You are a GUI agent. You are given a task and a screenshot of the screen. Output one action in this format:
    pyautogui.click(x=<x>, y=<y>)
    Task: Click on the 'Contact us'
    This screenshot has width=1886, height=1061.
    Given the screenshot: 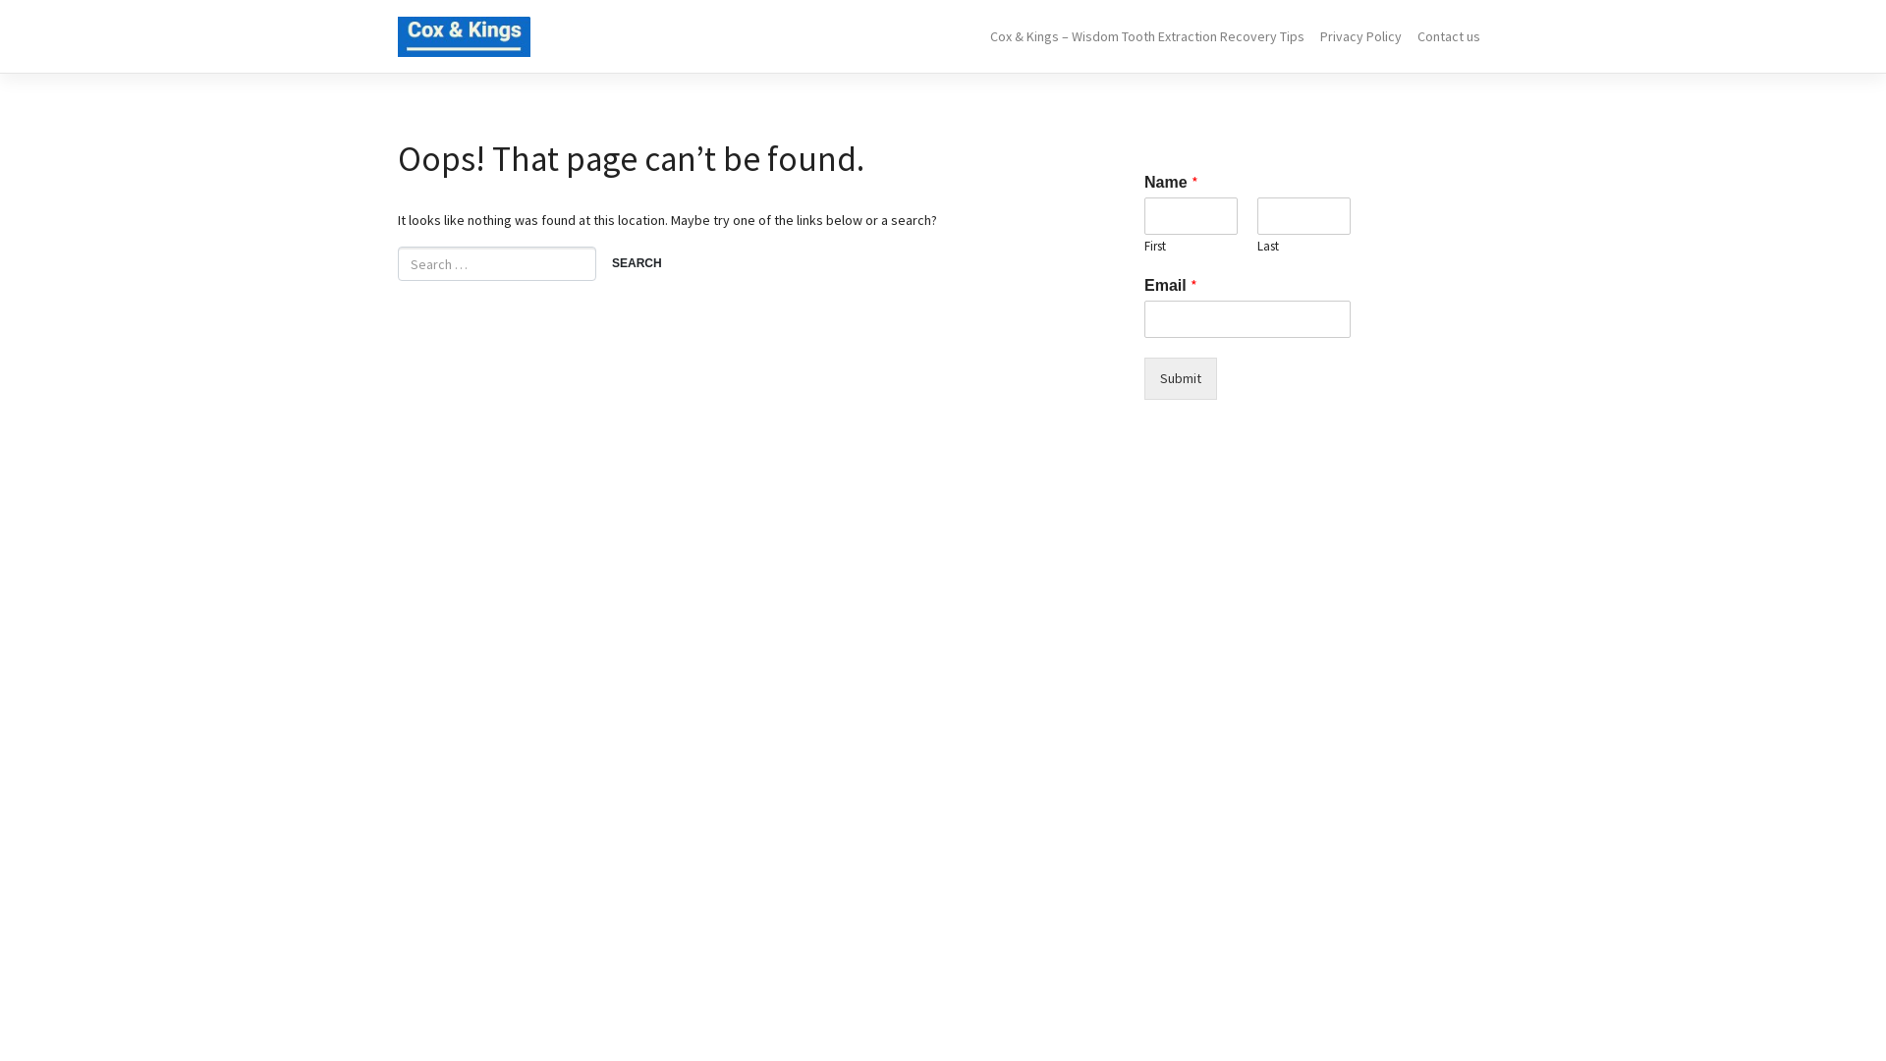 What is the action you would take?
    pyautogui.click(x=1448, y=36)
    